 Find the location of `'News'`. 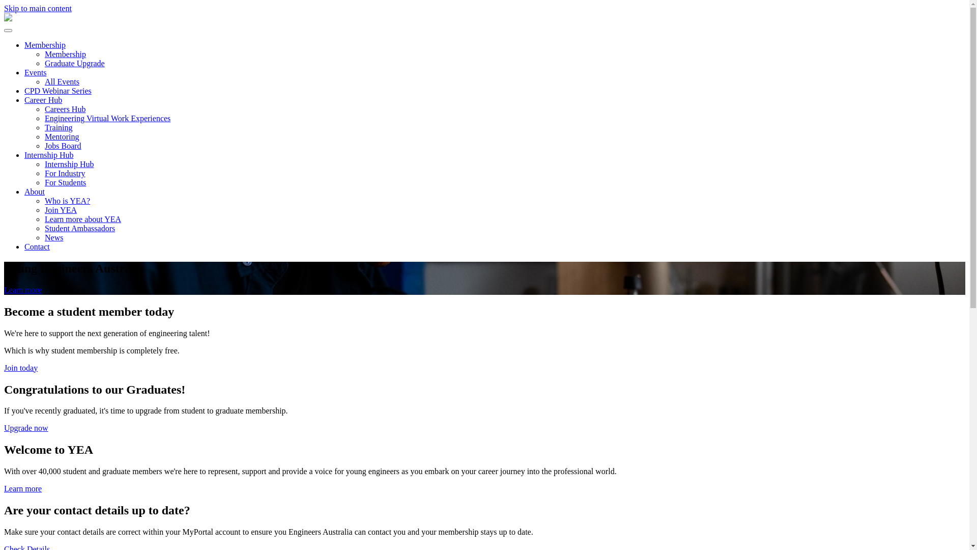

'News' is located at coordinates (53, 237).